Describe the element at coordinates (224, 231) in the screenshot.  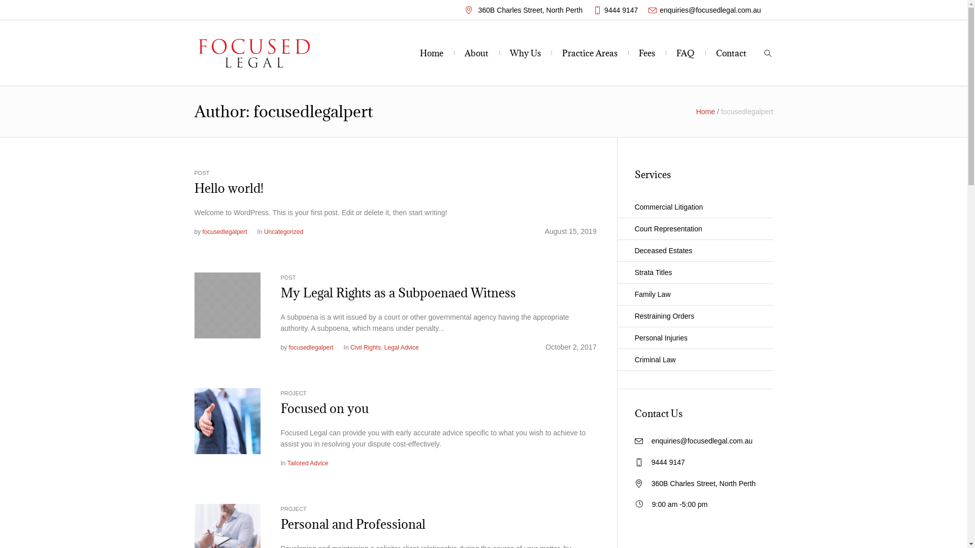
I see `'focusedlegalpert'` at that location.